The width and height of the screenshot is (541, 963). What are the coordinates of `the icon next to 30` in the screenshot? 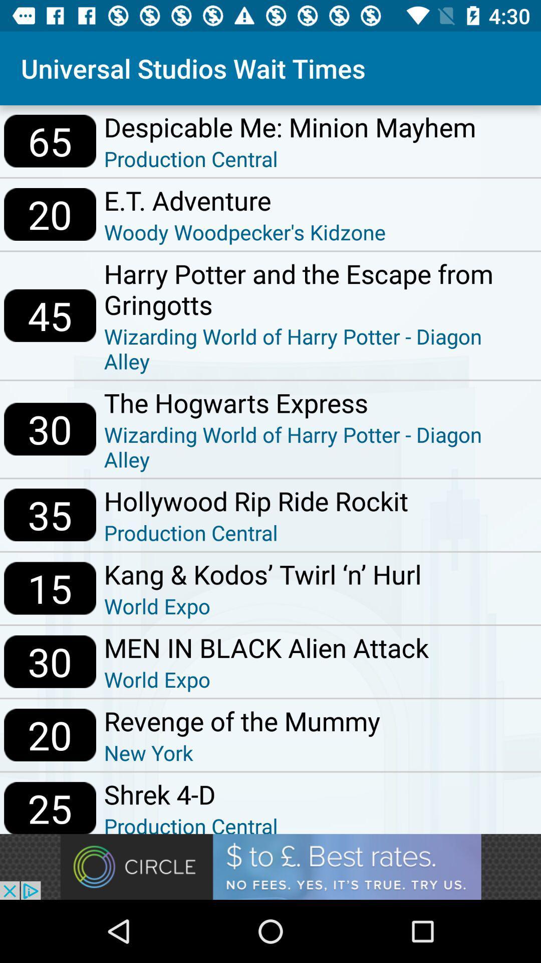 It's located at (265, 648).